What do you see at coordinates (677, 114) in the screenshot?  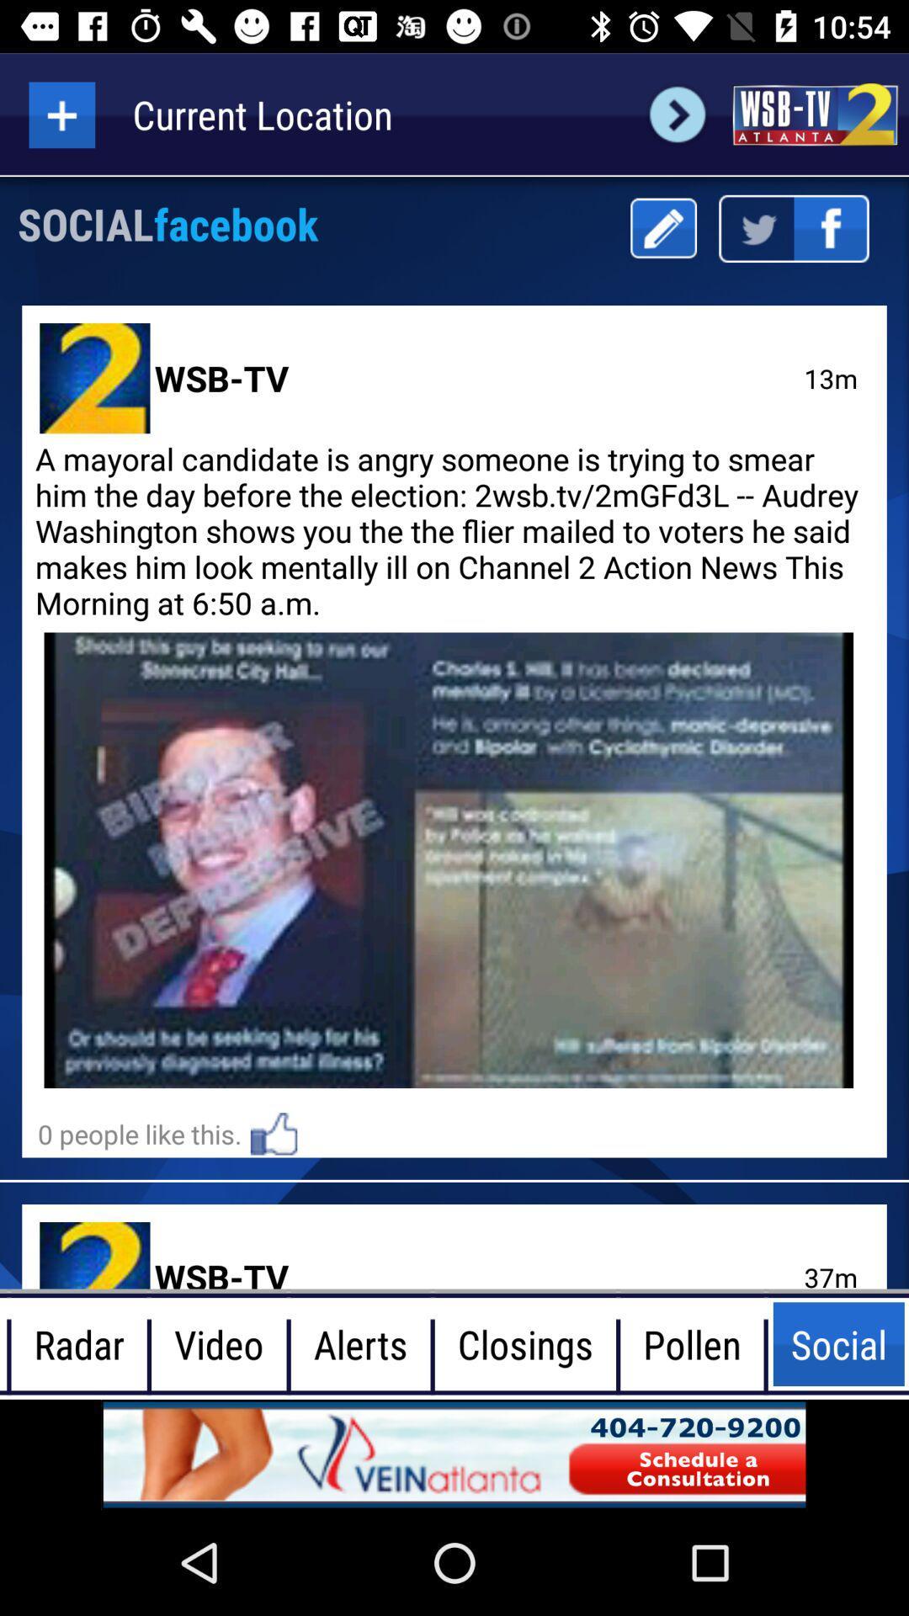 I see `next page` at bounding box center [677, 114].